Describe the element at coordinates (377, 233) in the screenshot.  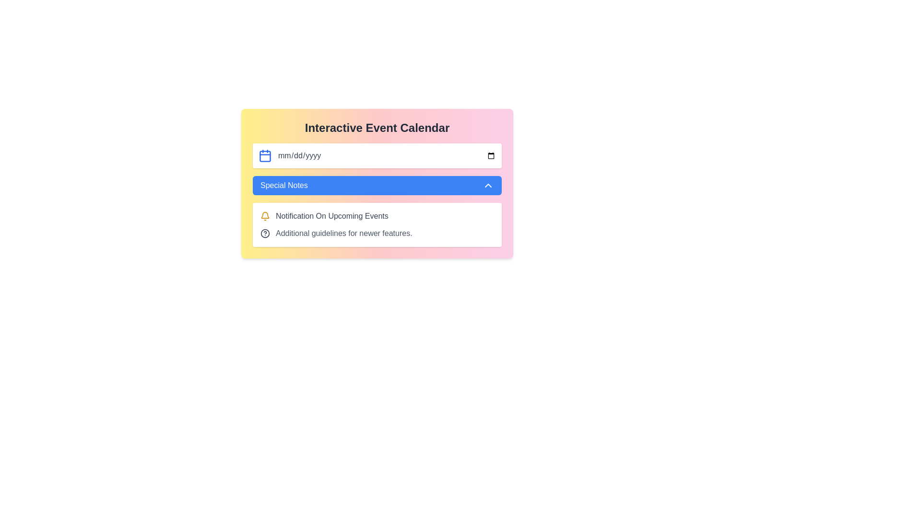
I see `the Label with Icon that contains the text 'Additional guidelines for newer features.' and a question mark icon, located in the notification section below 'Notification On Upcoming Events.'` at that location.